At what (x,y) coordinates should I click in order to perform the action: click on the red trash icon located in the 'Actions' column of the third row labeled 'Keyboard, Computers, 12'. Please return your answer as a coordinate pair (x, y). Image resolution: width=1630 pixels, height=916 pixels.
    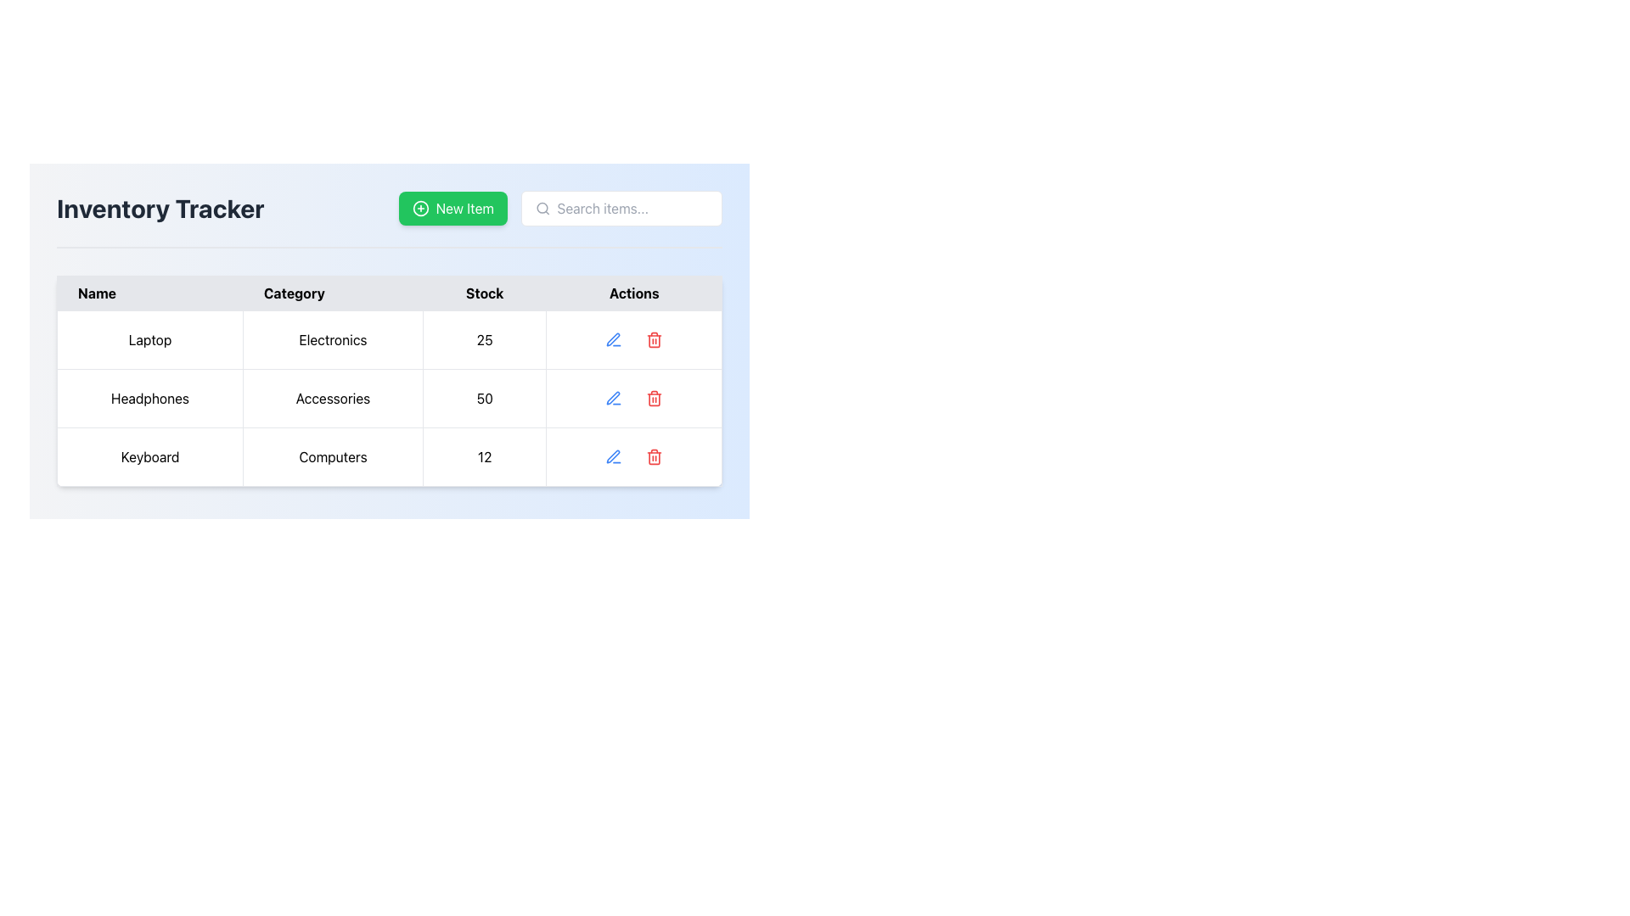
    Looking at the image, I should click on (654, 399).